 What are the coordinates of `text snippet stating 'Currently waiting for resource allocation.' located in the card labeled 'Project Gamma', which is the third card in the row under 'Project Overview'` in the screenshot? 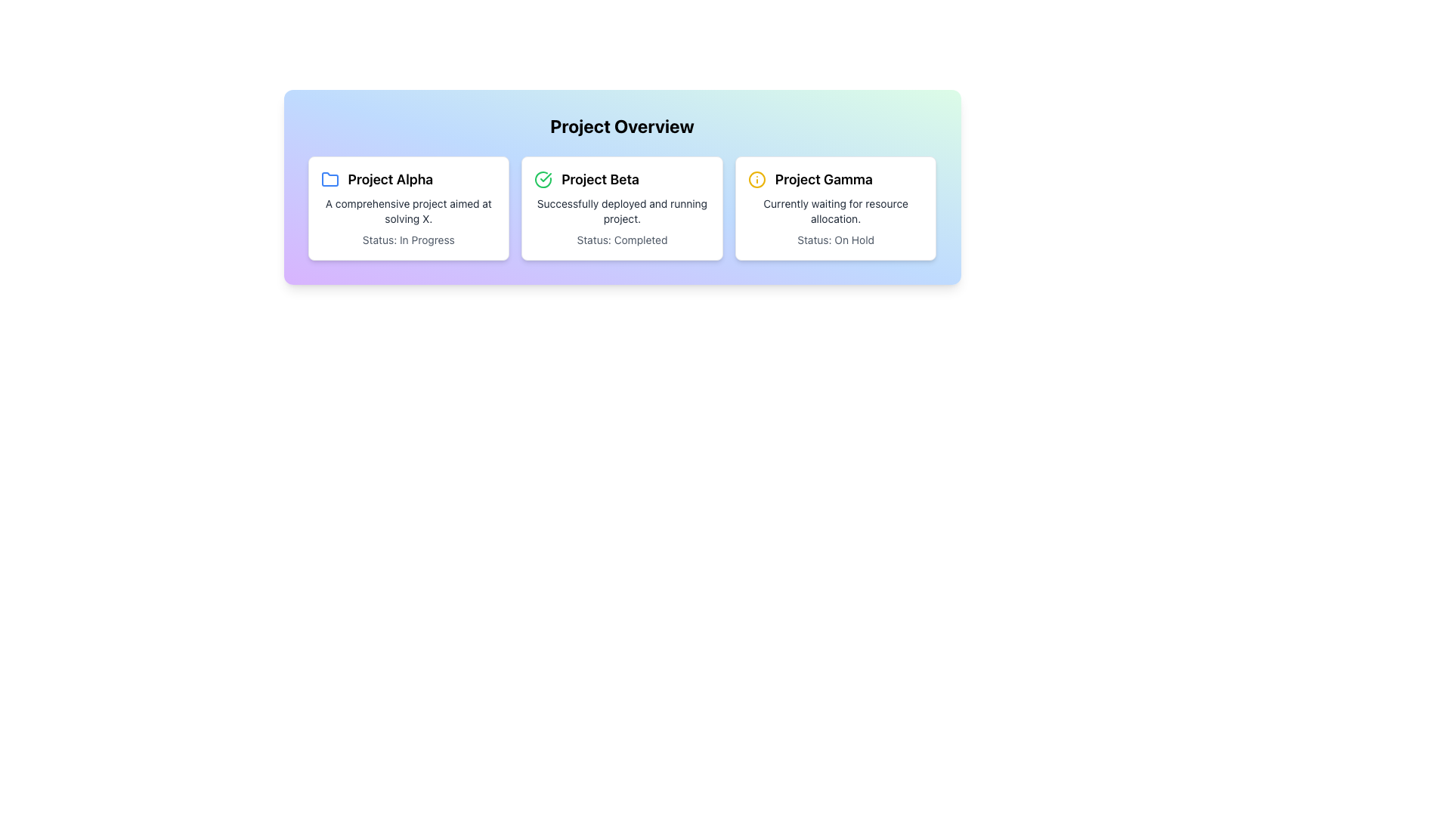 It's located at (835, 212).